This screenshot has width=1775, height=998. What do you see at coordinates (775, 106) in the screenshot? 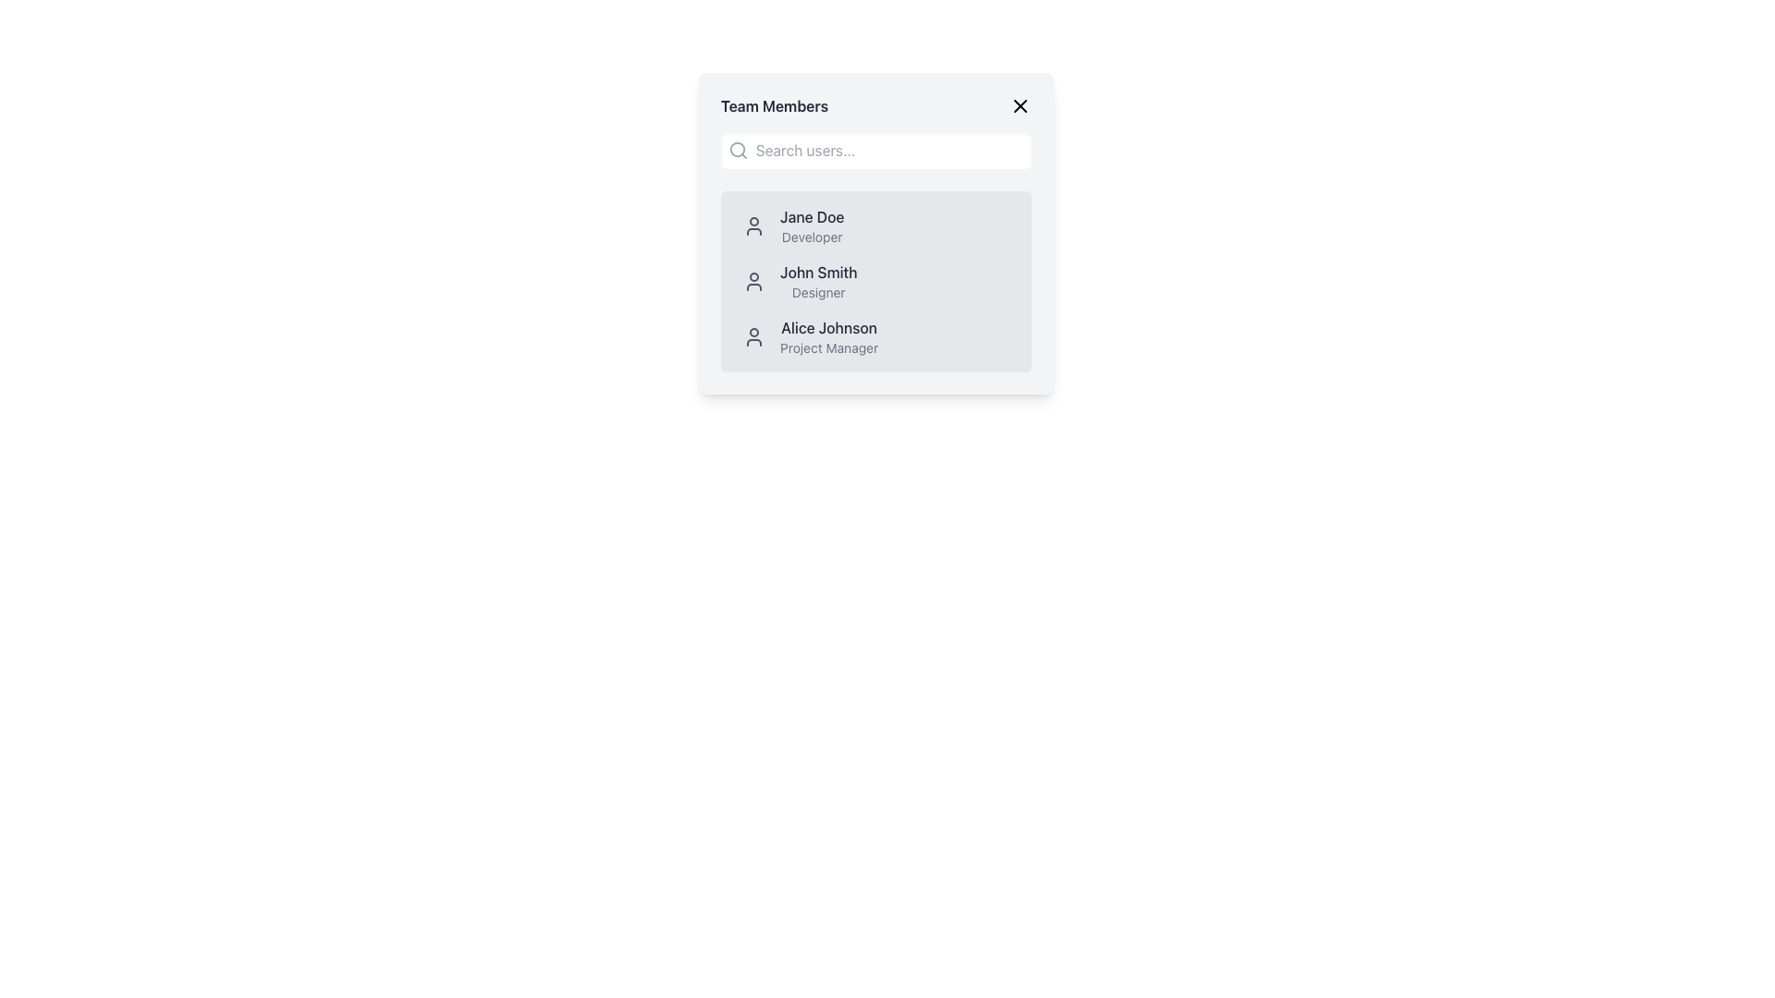
I see `text label displaying 'Team Members' located at the top-left section of the card layout` at bounding box center [775, 106].